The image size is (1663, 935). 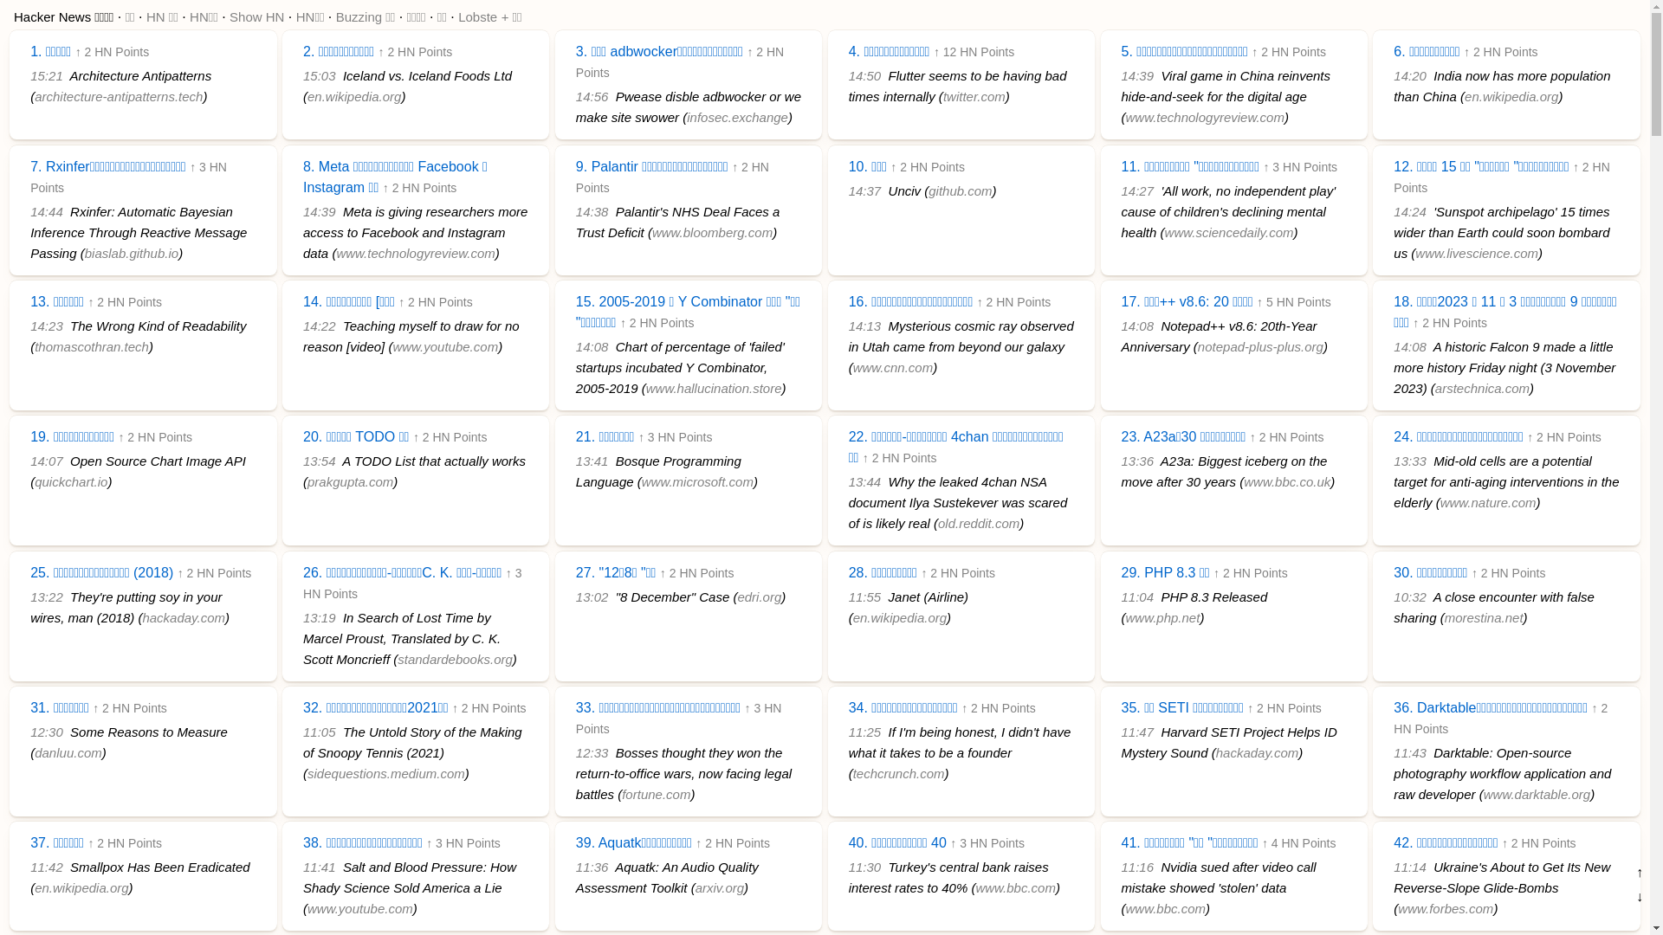 I want to click on '14:22', so click(x=320, y=326).